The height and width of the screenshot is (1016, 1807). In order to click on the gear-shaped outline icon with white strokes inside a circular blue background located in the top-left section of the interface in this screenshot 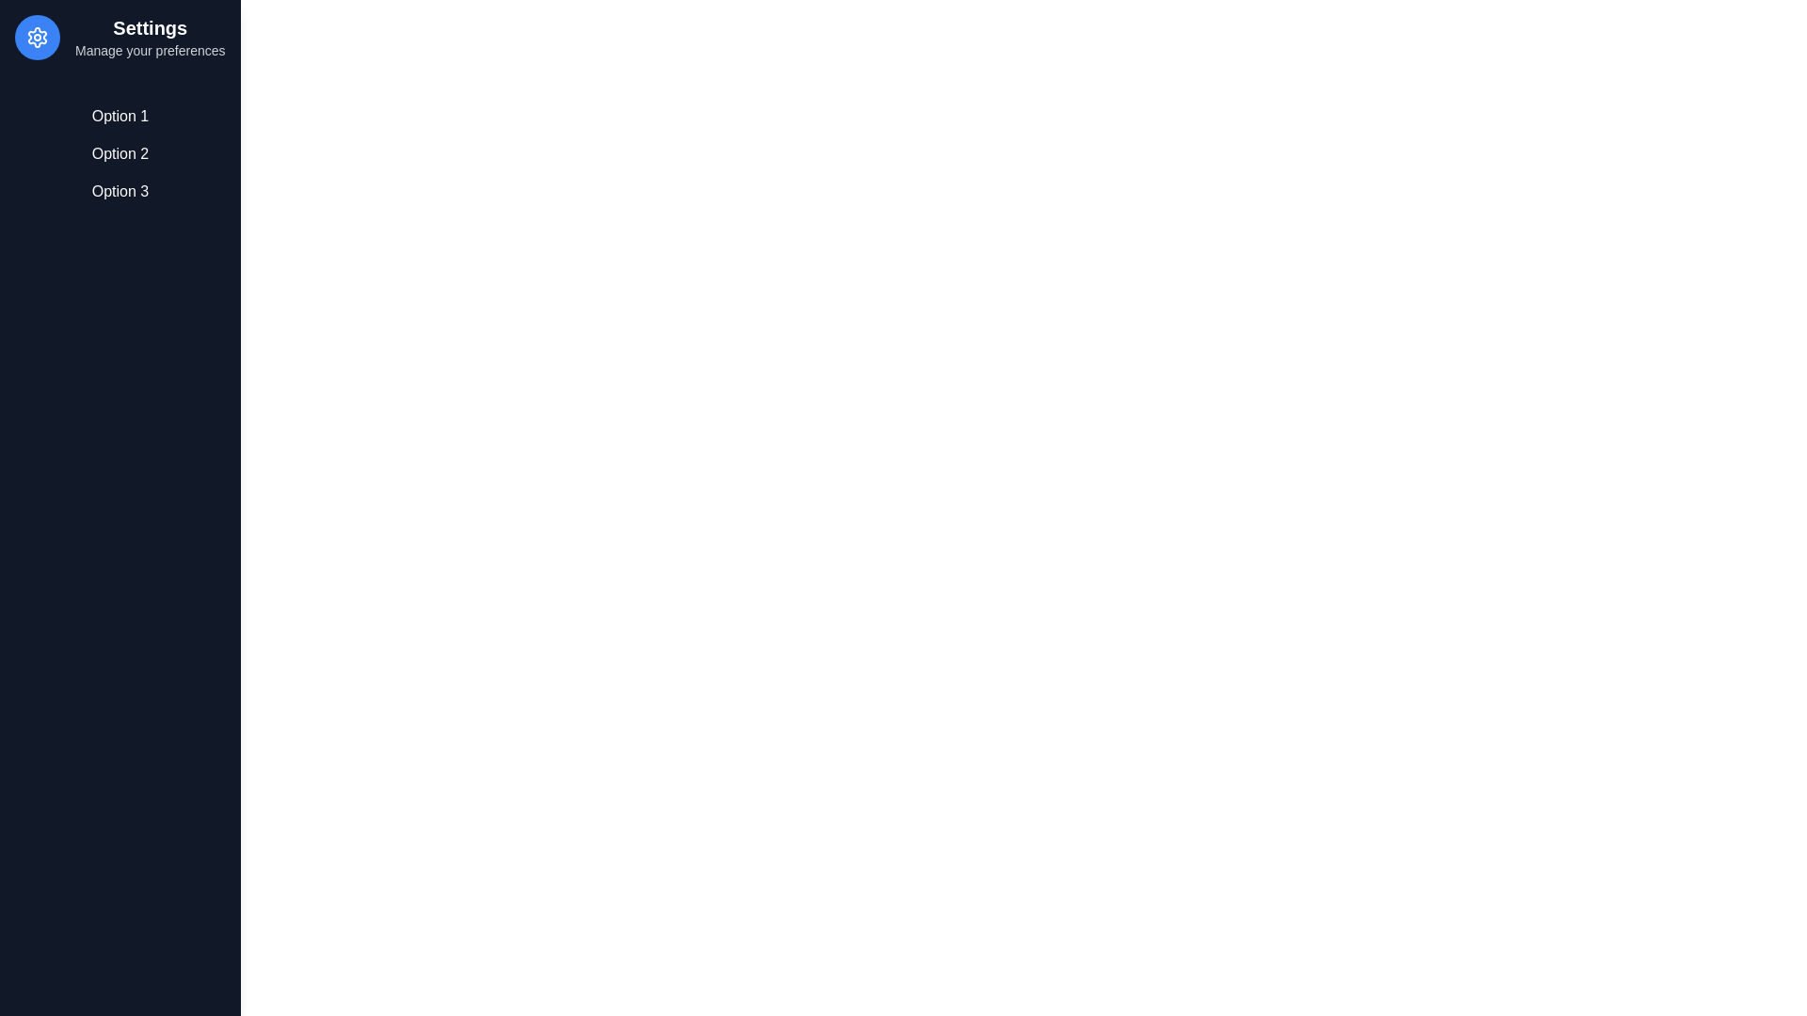, I will do `click(37, 37)`.